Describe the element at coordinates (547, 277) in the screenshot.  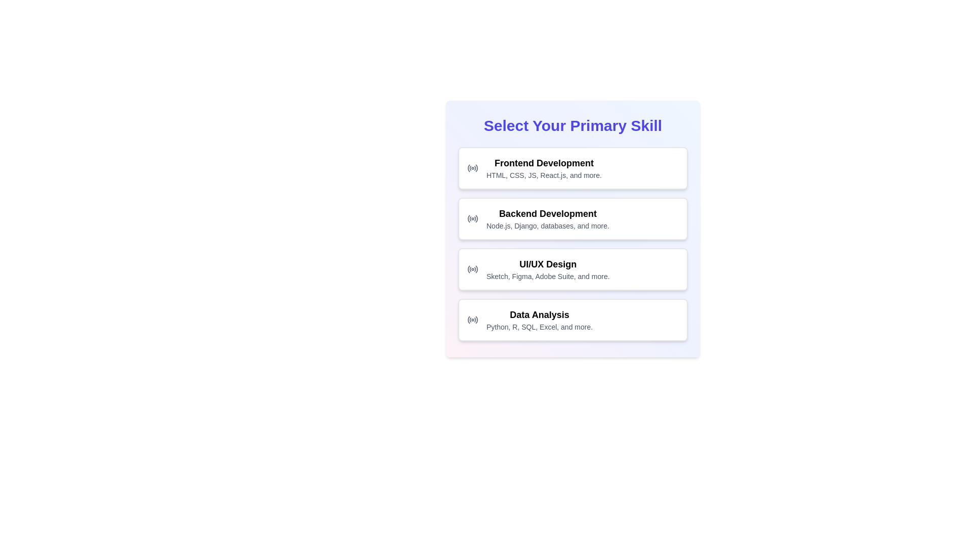
I see `the descriptive text located directly under the 'UI/UX Design' heading in the third selectable card on the right side of the interface` at that location.